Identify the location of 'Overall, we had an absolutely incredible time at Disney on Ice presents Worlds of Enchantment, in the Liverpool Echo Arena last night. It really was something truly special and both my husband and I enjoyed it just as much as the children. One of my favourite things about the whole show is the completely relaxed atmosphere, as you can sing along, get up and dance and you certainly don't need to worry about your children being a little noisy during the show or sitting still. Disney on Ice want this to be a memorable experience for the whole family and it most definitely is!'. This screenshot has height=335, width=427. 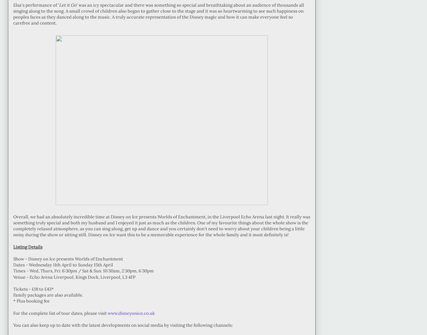
(162, 225).